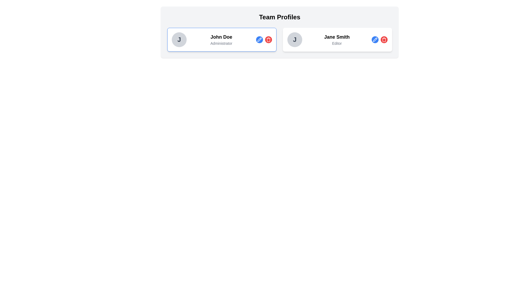 Image resolution: width=509 pixels, height=286 pixels. What do you see at coordinates (384, 39) in the screenshot?
I see `the delete button (Icon Button) for the profile 'Jane Smith - Editor' located in the second profile card, positioned at the top-right corner next to a blue pencil icon` at bounding box center [384, 39].